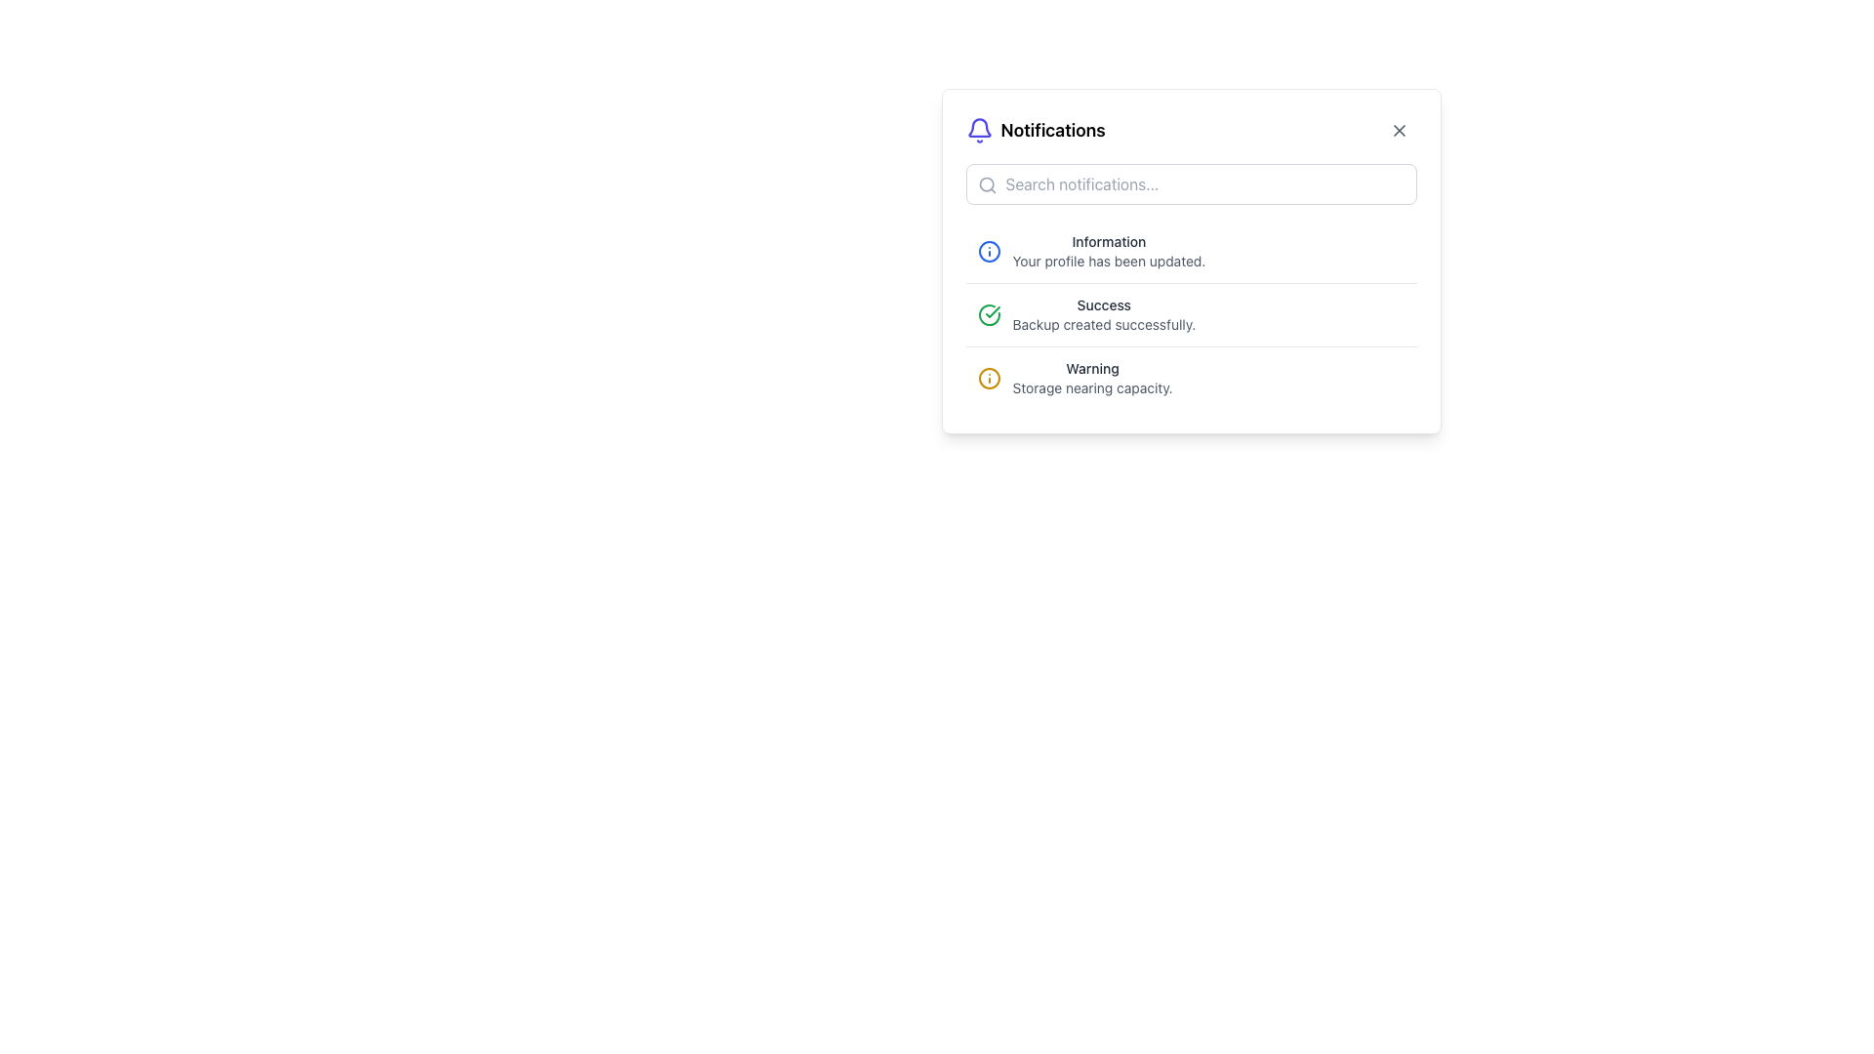 This screenshot has height=1054, width=1874. Describe the element at coordinates (987, 184) in the screenshot. I see `the search icon located to the far left inside the input field of the notification panel, which serves as a visual cue for the search functionality` at that location.